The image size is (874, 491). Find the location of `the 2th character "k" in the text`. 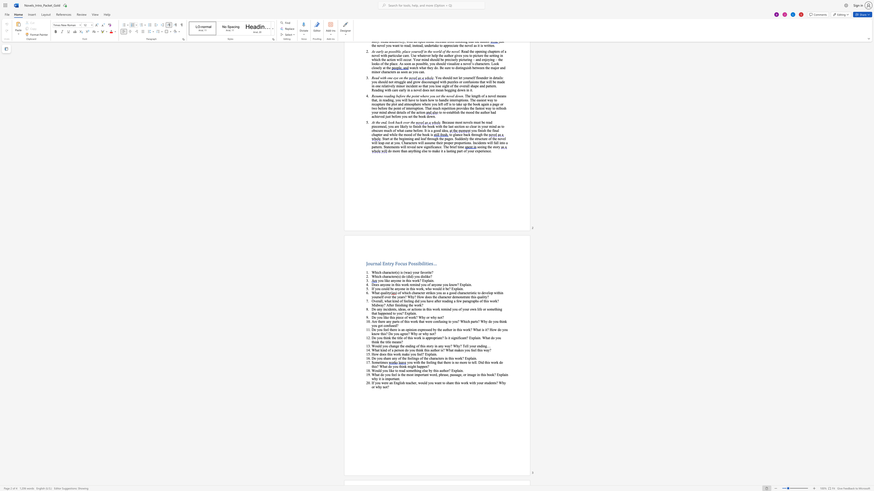

the 2th character "k" in the text is located at coordinates (505, 321).